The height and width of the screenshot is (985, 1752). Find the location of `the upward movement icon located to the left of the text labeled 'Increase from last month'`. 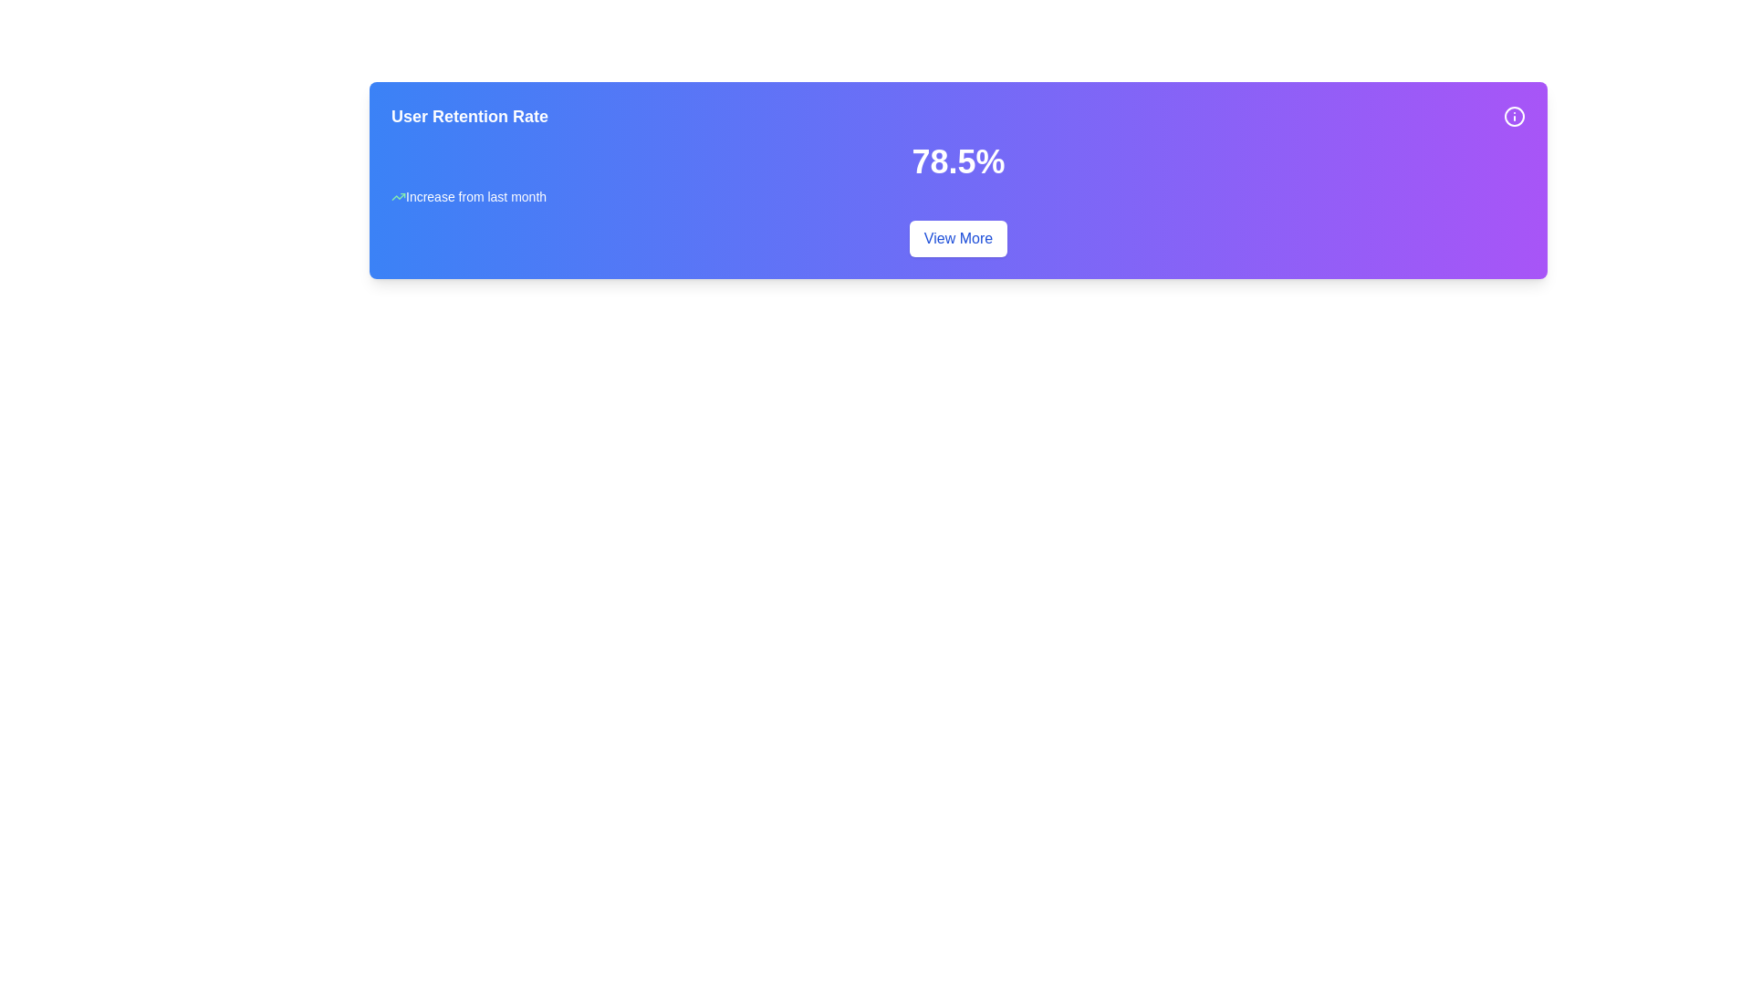

the upward movement icon located to the left of the text labeled 'Increase from last month' is located at coordinates (397, 197).